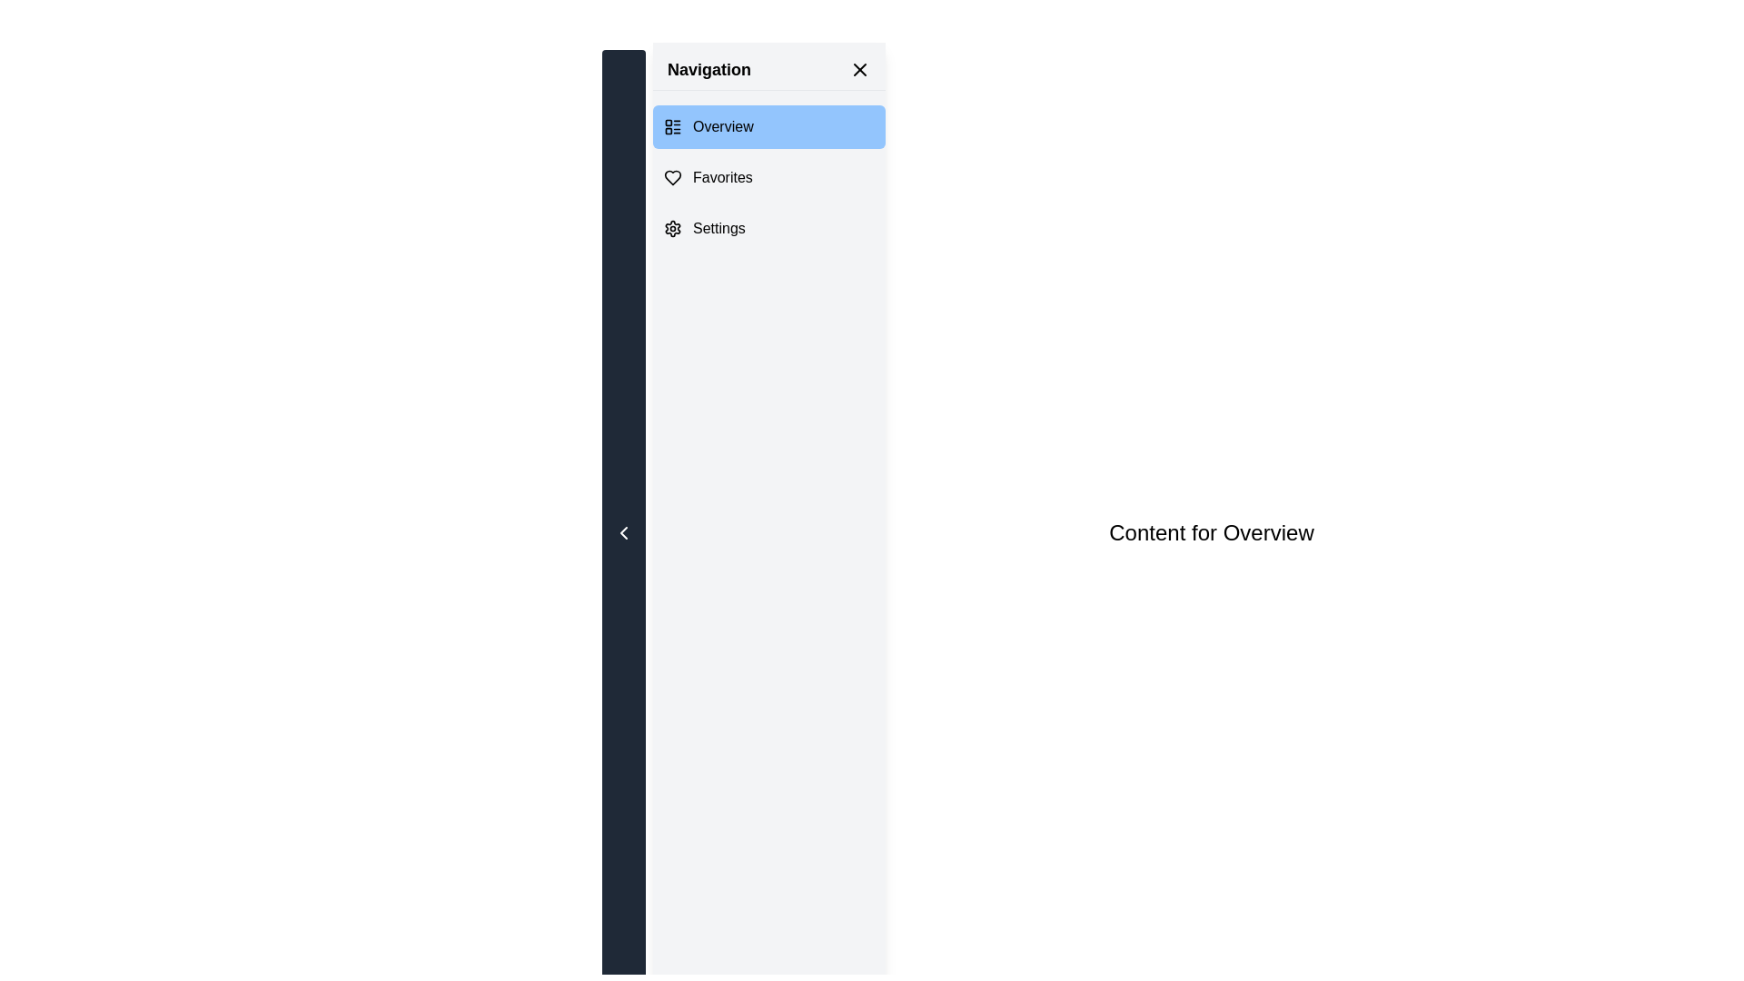 This screenshot has width=1744, height=981. What do you see at coordinates (671, 125) in the screenshot?
I see `the SVG graphic icon representing the 'Overview' section in the navigation panel, which is located on the left side of the 'Overview' option` at bounding box center [671, 125].